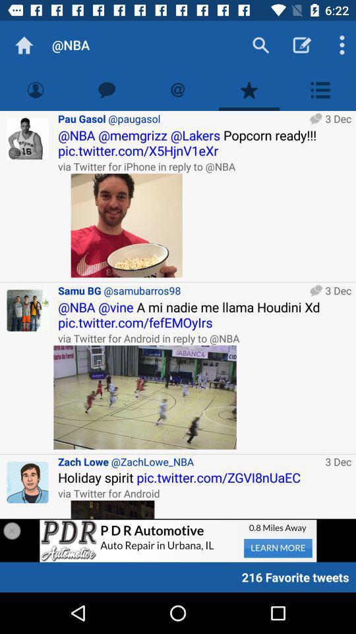 Image resolution: width=356 pixels, height=634 pixels. I want to click on show list, so click(320, 89).